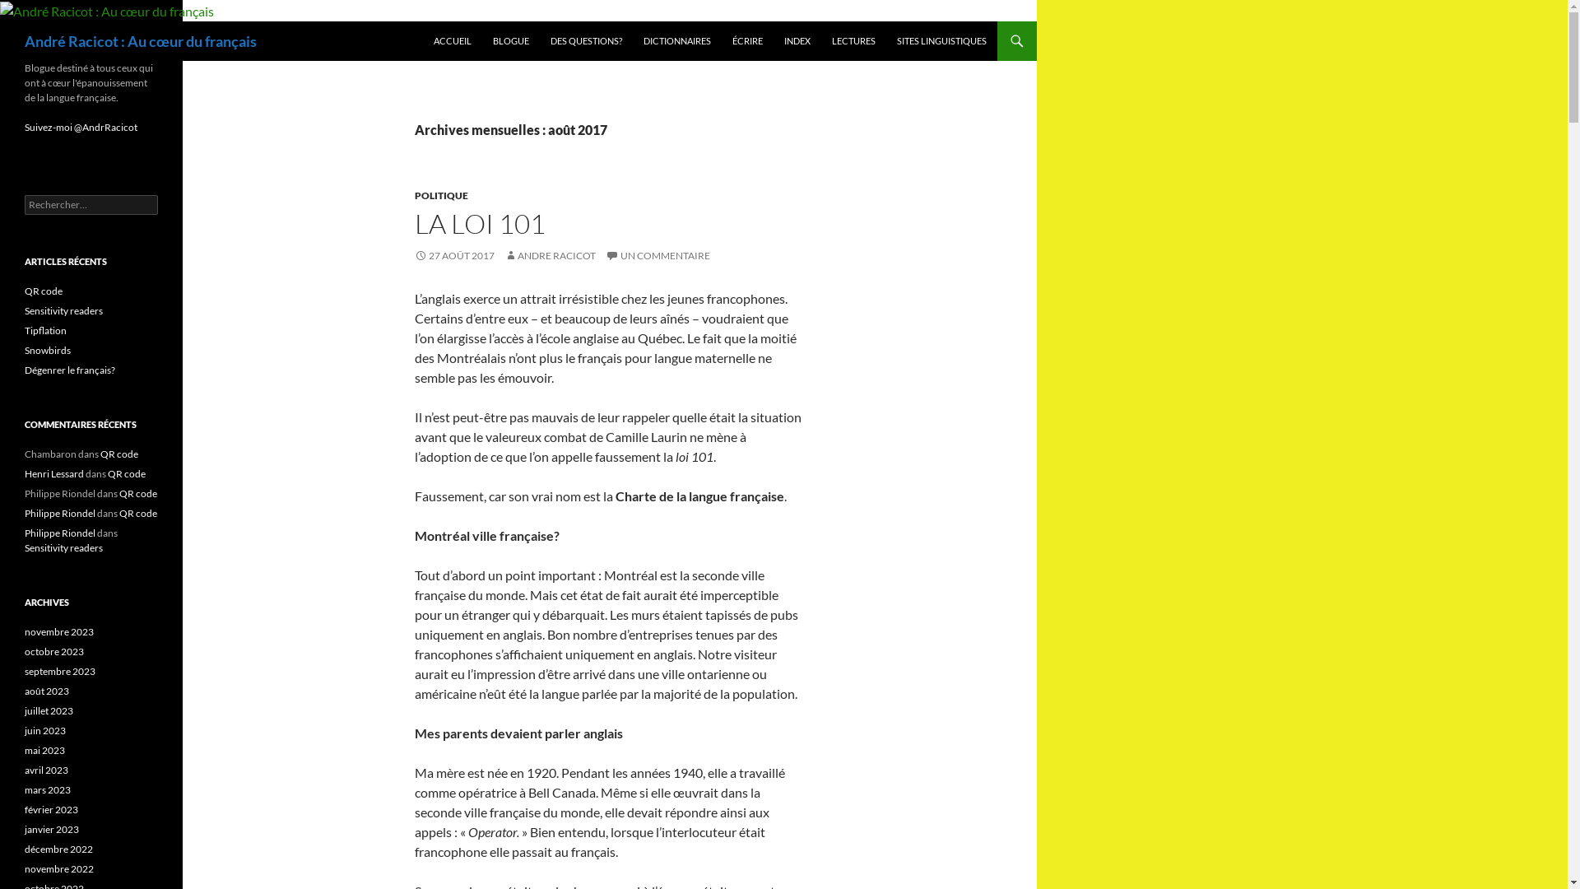 The height and width of the screenshot is (889, 1580). Describe the element at coordinates (80, 126) in the screenshot. I see `'Suivez-moi @AndrRacicot'` at that location.